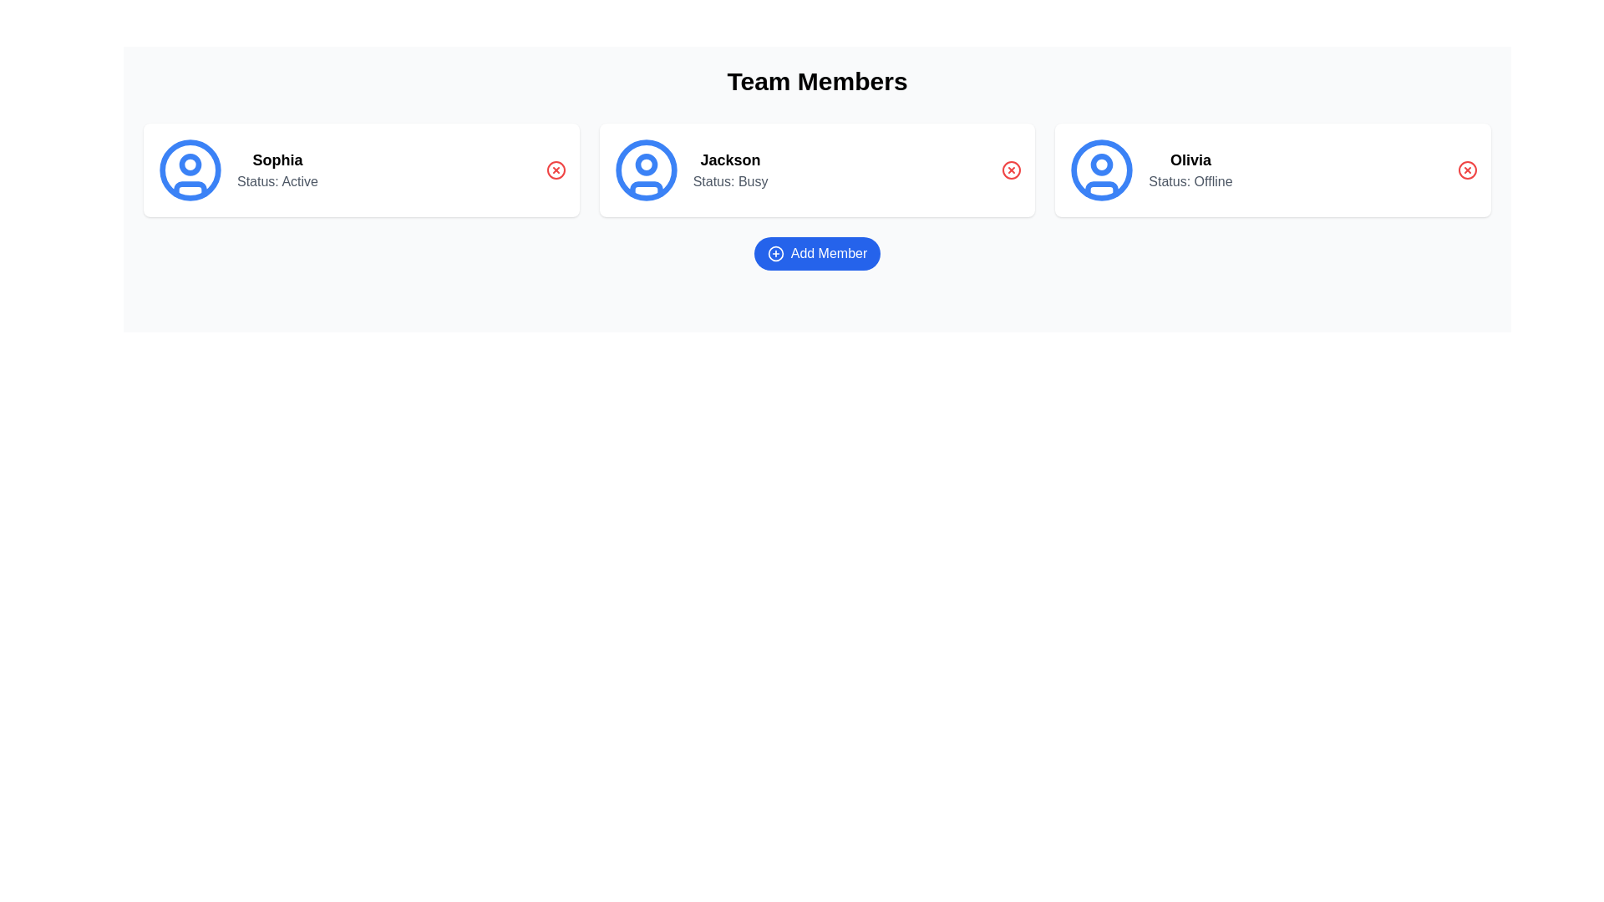  What do you see at coordinates (817, 81) in the screenshot?
I see `prominent bold text heading that says 'Team Members', located at the top center of the page layout` at bounding box center [817, 81].